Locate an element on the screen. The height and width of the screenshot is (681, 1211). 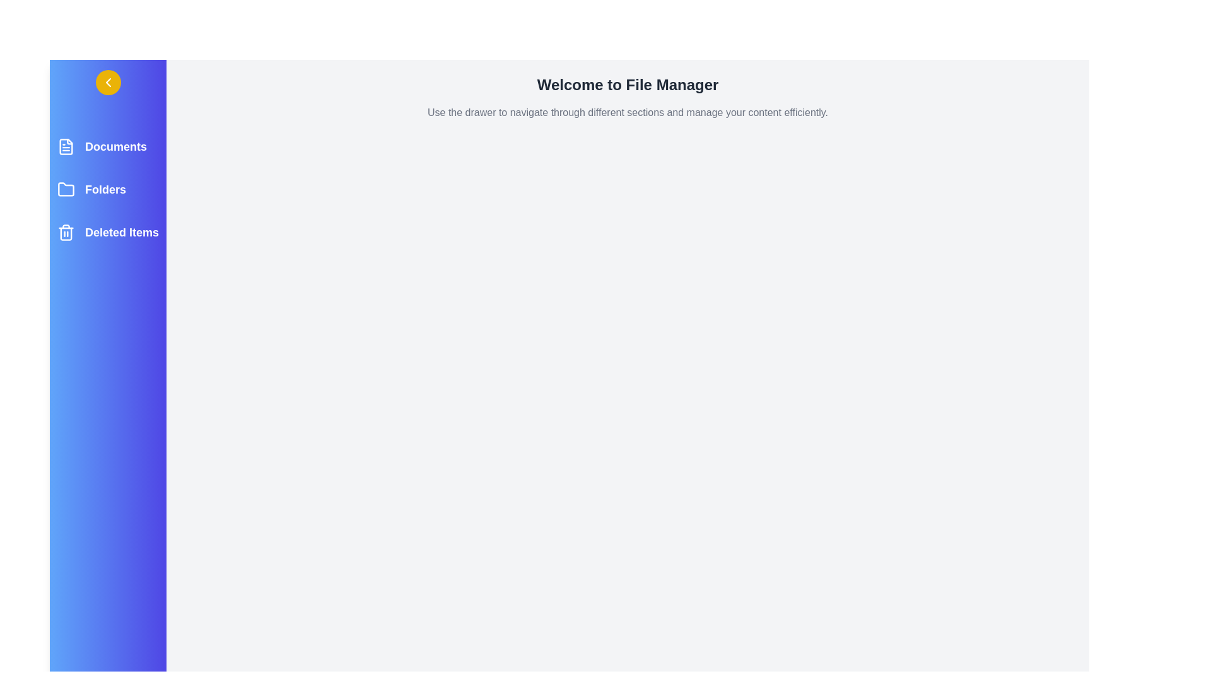
the Folders section to highlight it is located at coordinates (108, 189).